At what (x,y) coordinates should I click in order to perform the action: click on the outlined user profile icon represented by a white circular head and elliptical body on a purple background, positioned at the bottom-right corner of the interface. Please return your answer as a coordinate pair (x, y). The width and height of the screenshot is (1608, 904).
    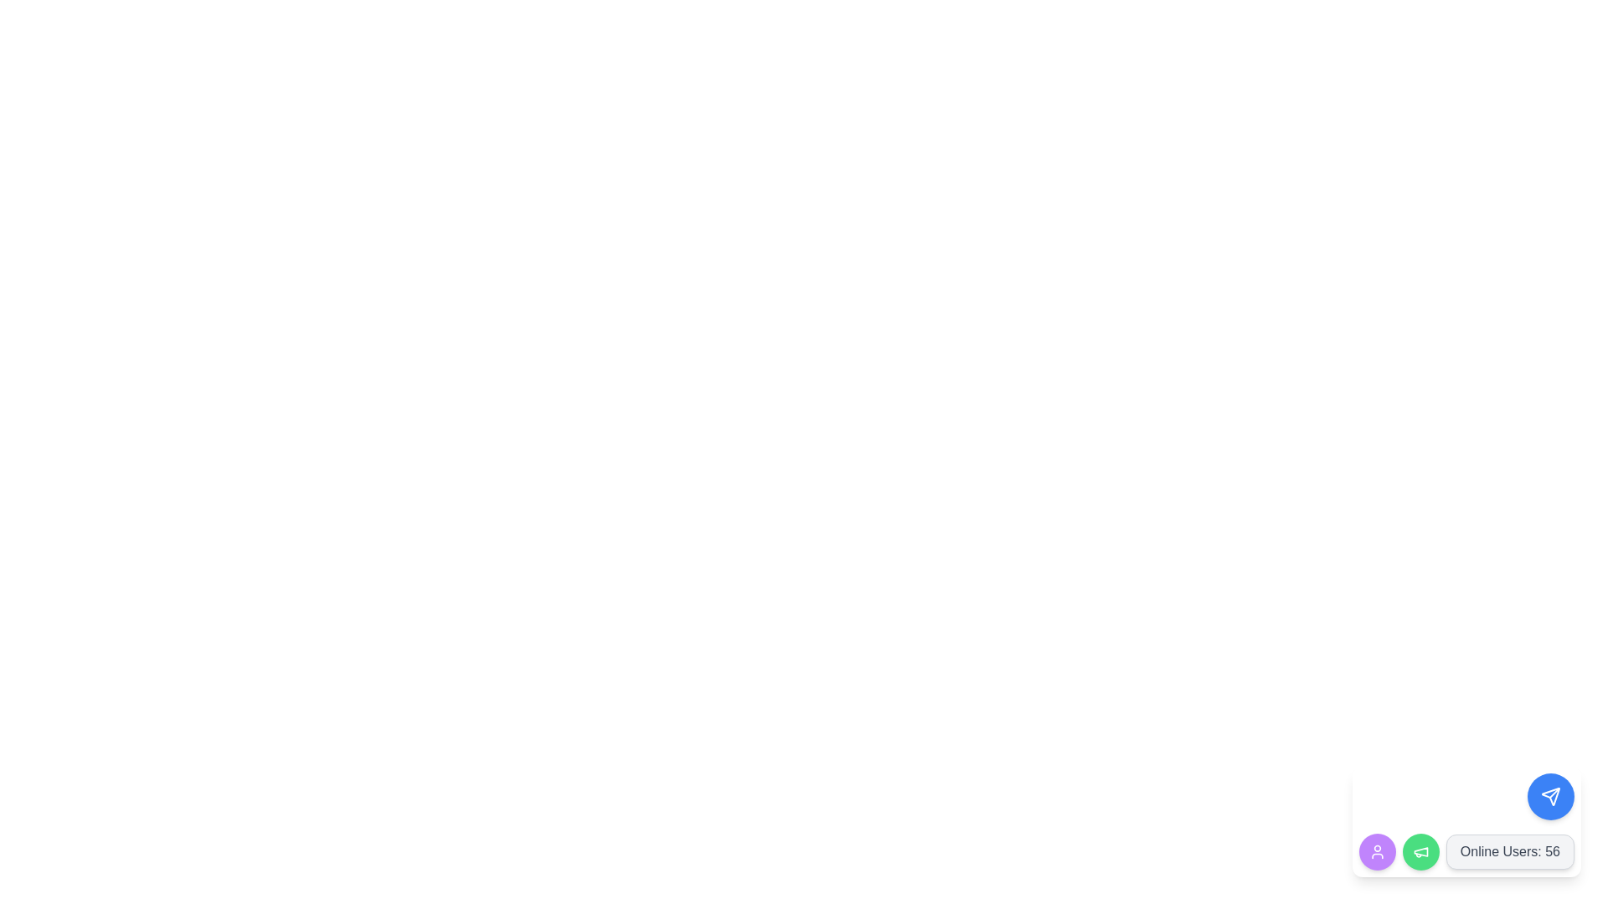
    Looking at the image, I should click on (1377, 852).